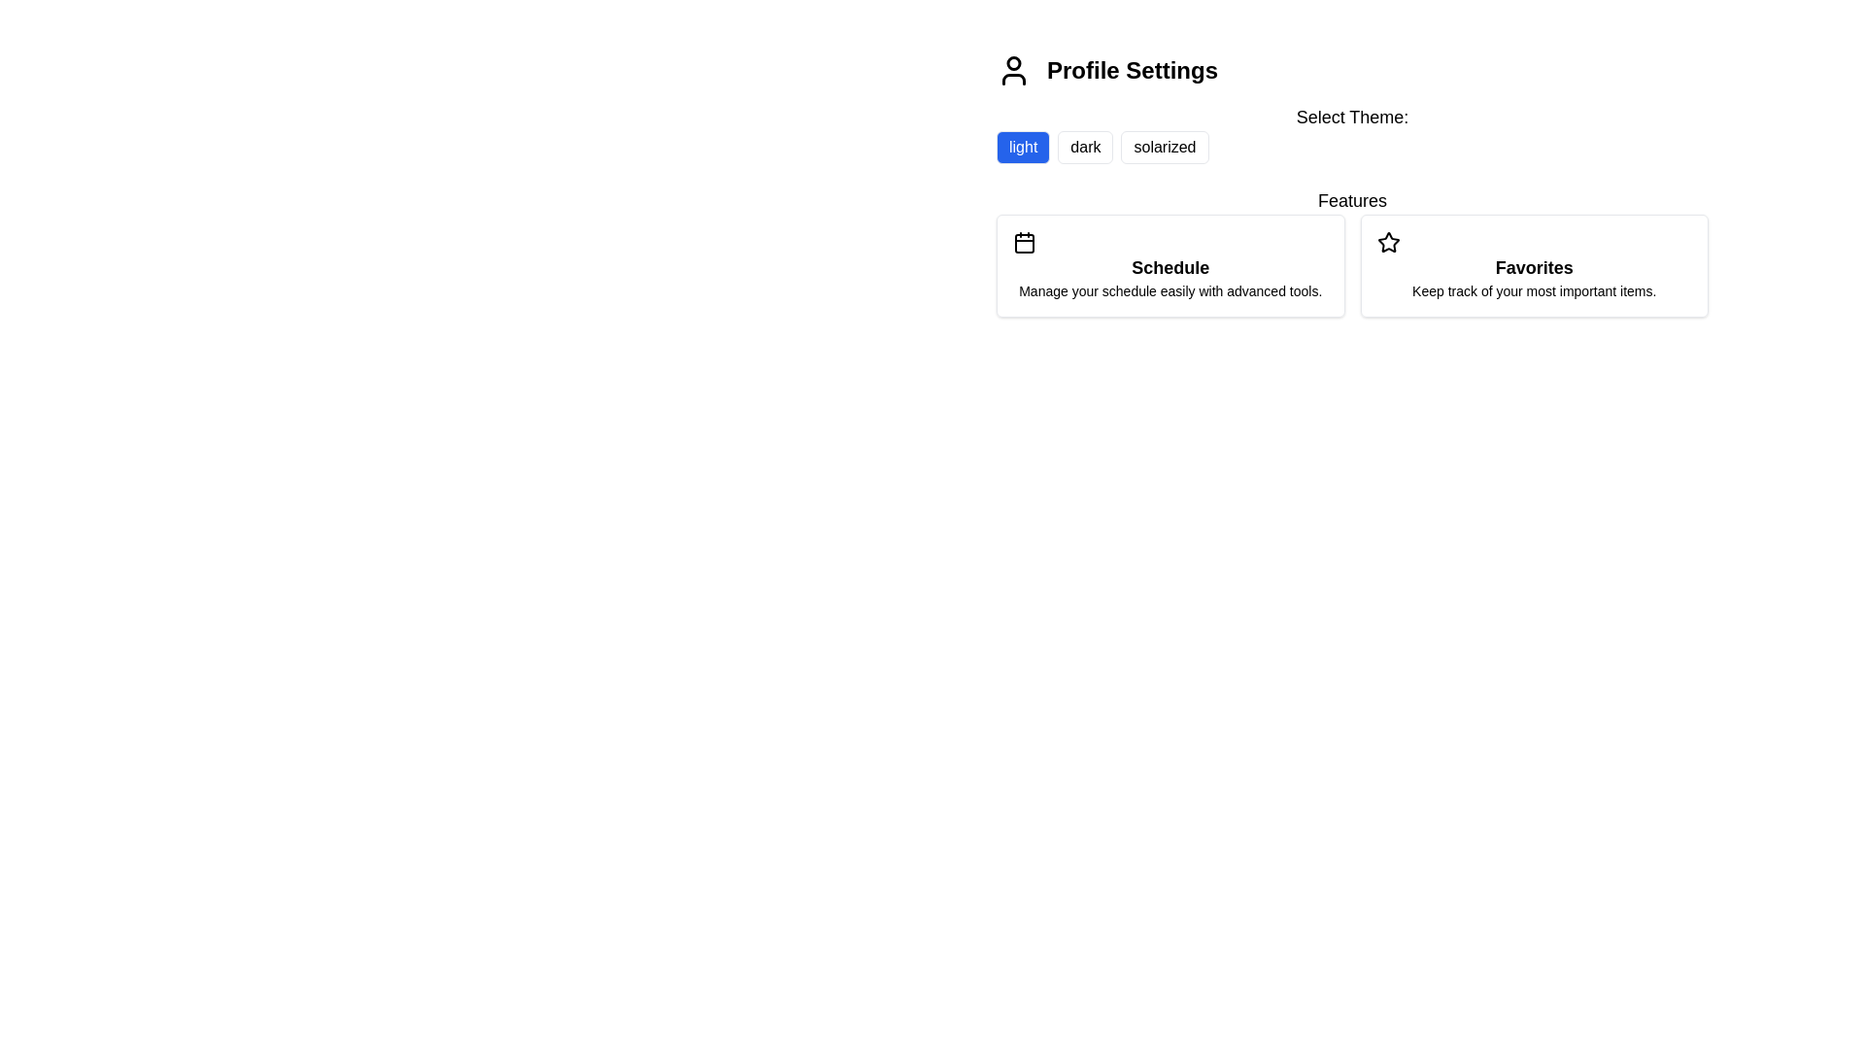 Image resolution: width=1865 pixels, height=1049 pixels. Describe the element at coordinates (1085, 146) in the screenshot. I see `the theme selection button labeled 'dark' to switch the interface to dark mode` at that location.